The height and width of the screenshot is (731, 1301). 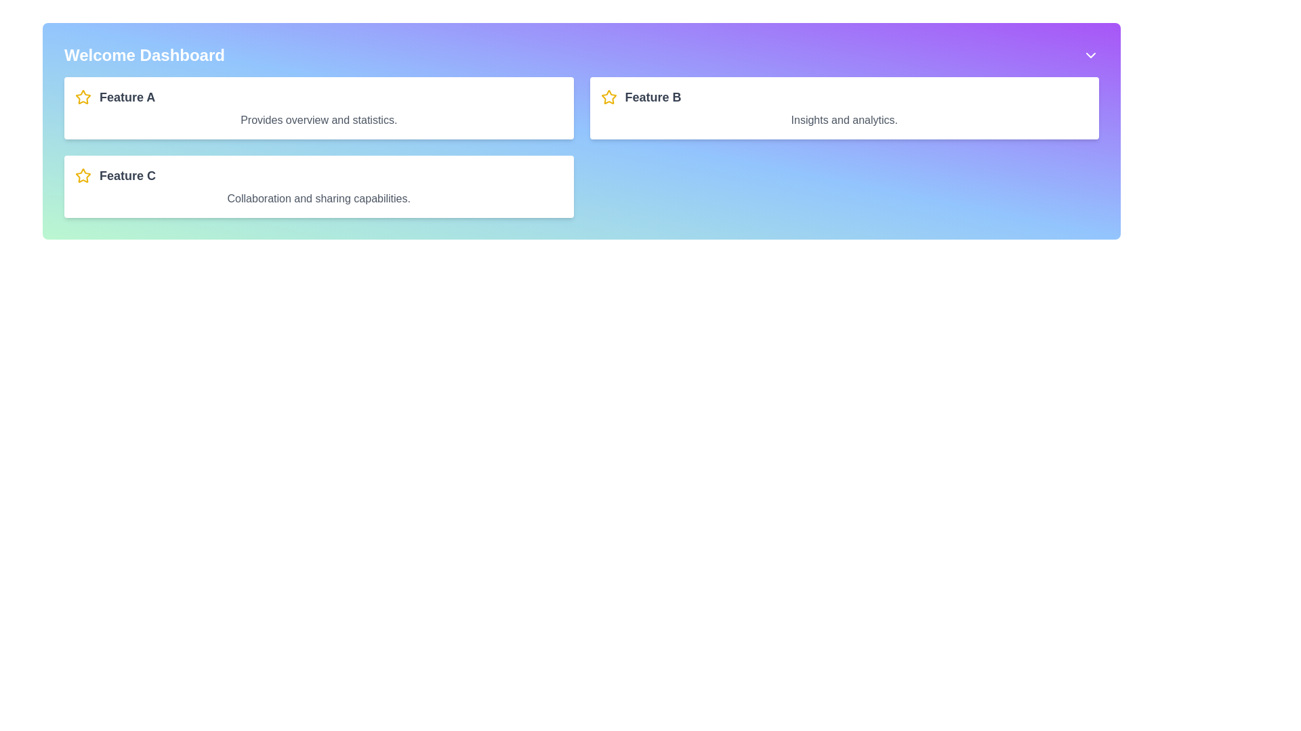 What do you see at coordinates (608, 96) in the screenshot?
I see `the star icon that marks the importance of 'Feature B'` at bounding box center [608, 96].